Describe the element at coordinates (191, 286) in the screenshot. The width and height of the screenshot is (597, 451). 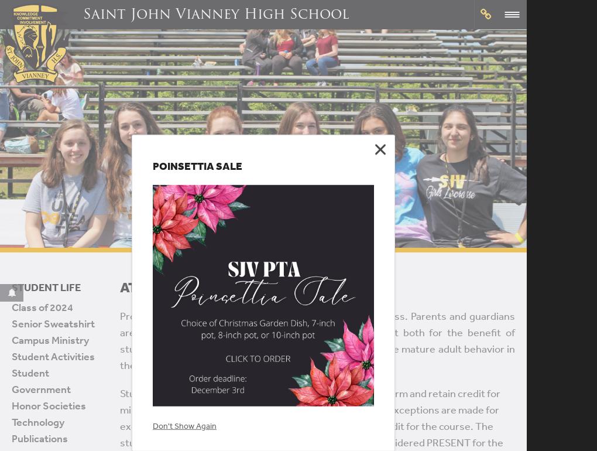
I see `'Attendance Policy'` at that location.